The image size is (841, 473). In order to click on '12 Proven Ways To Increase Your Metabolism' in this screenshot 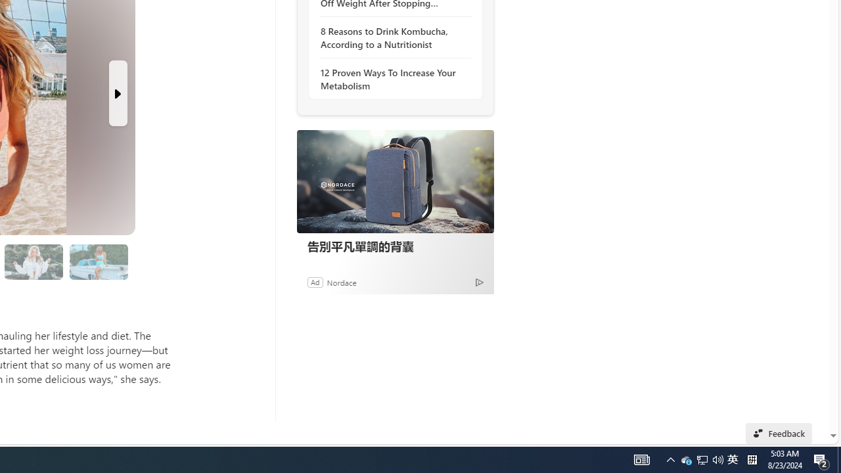, I will do `click(391, 79)`.